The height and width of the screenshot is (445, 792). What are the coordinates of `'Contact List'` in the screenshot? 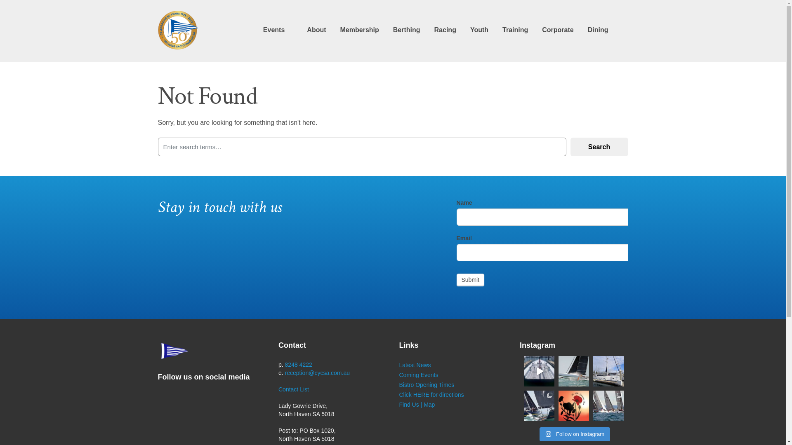 It's located at (293, 389).